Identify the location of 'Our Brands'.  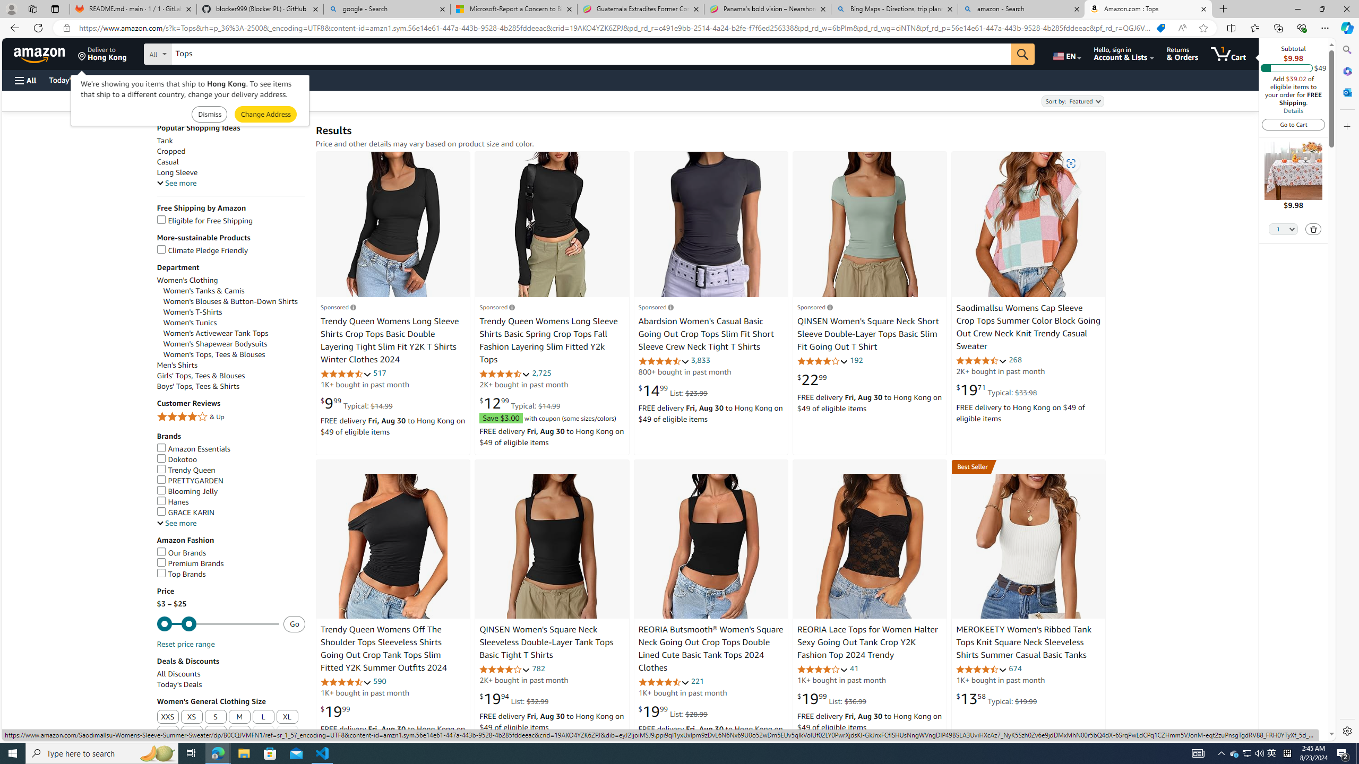
(181, 552).